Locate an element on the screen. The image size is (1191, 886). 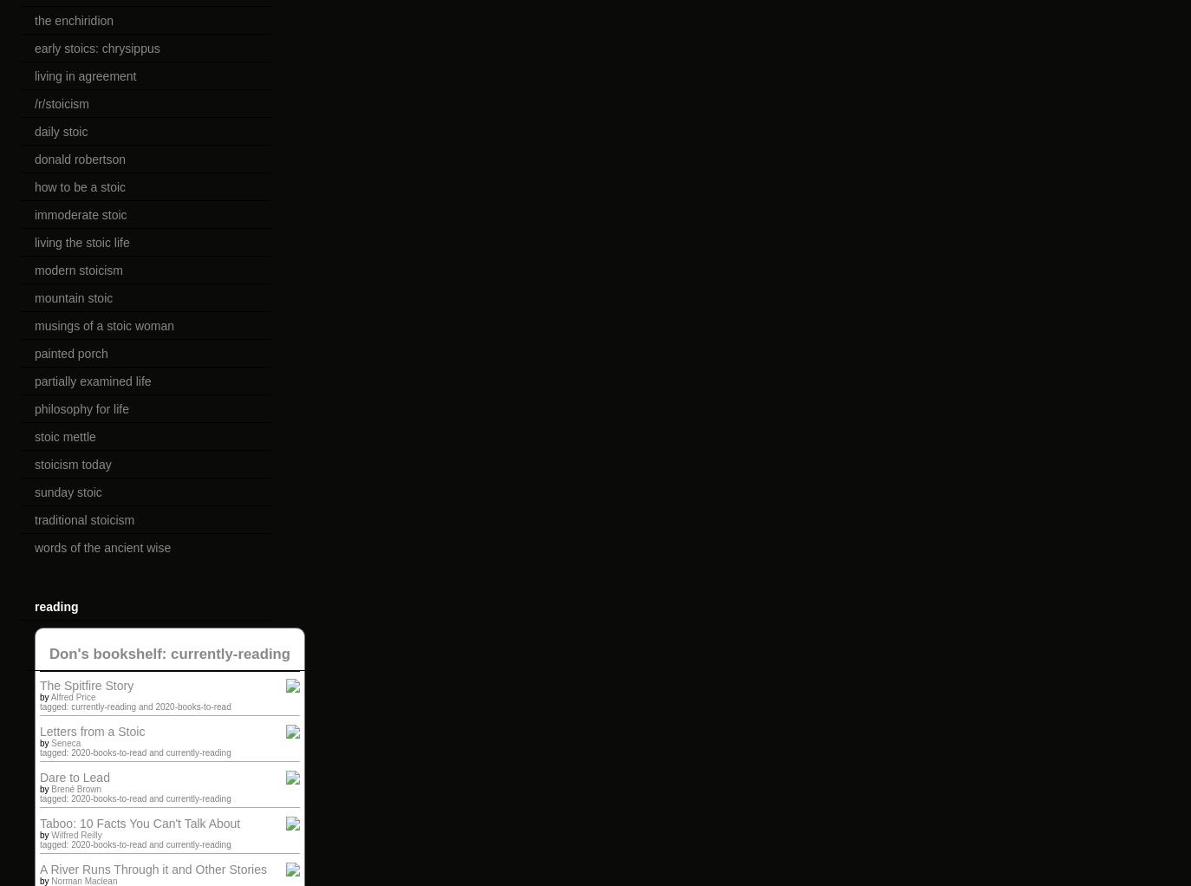
'Taboo: 10 Facts You Can't Talk About' is located at coordinates (139, 823).